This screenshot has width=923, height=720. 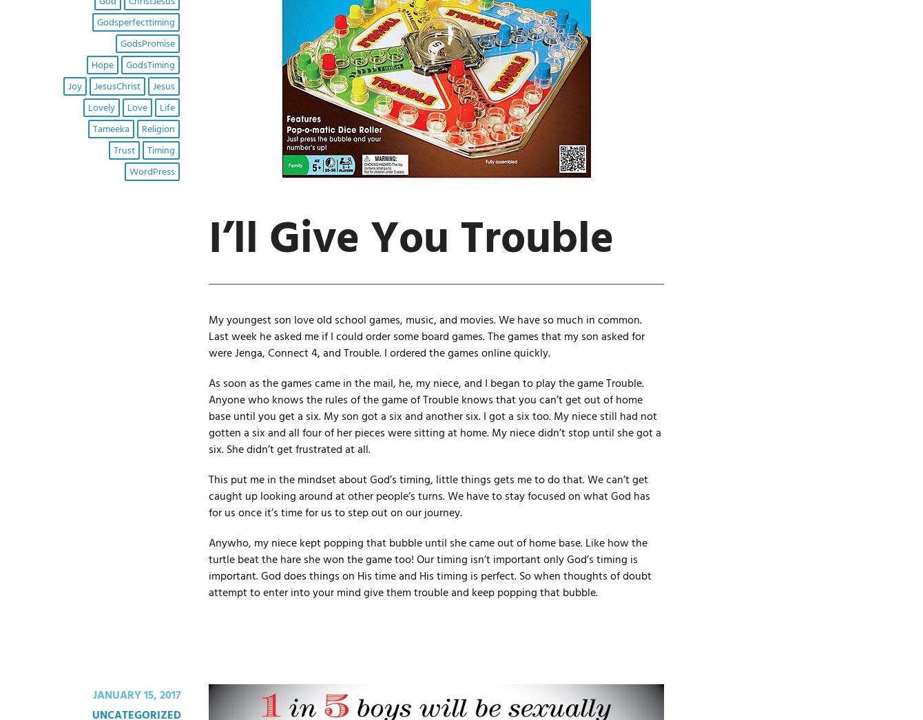 What do you see at coordinates (136, 695) in the screenshot?
I see `'January 15, 2017'` at bounding box center [136, 695].